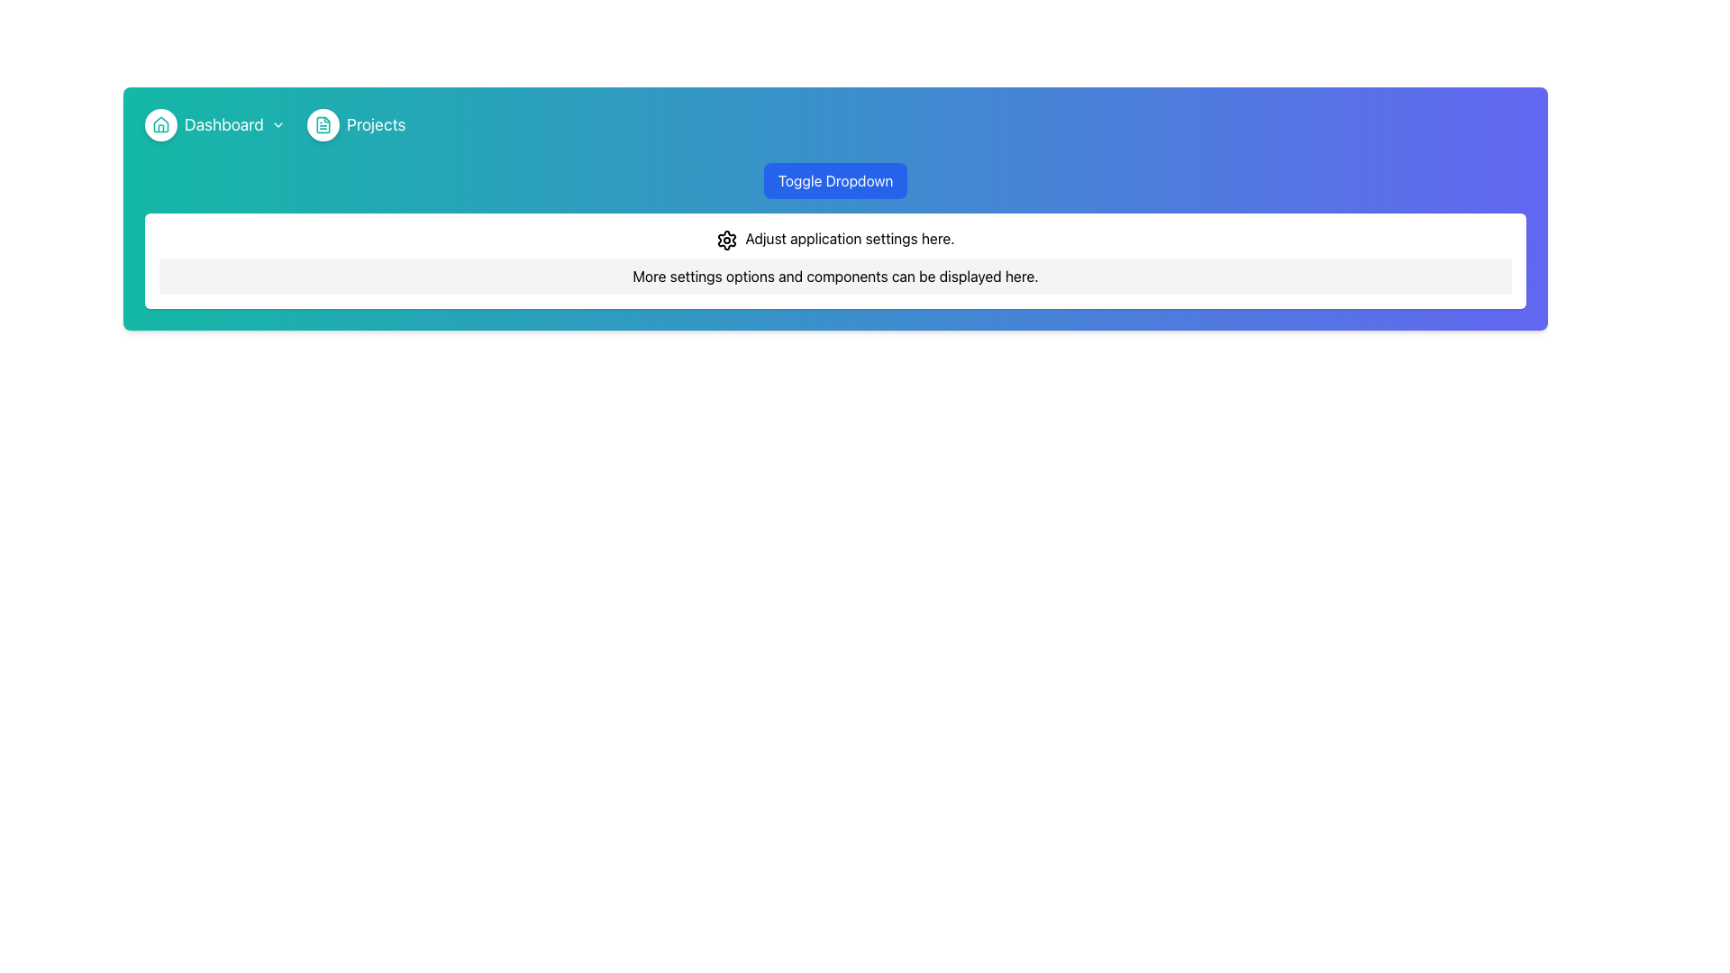 This screenshot has height=973, width=1730. What do you see at coordinates (834, 276) in the screenshot?
I see `the static text block providing instructions related to the settings options, located directly below 'Adjust application settings here.'` at bounding box center [834, 276].